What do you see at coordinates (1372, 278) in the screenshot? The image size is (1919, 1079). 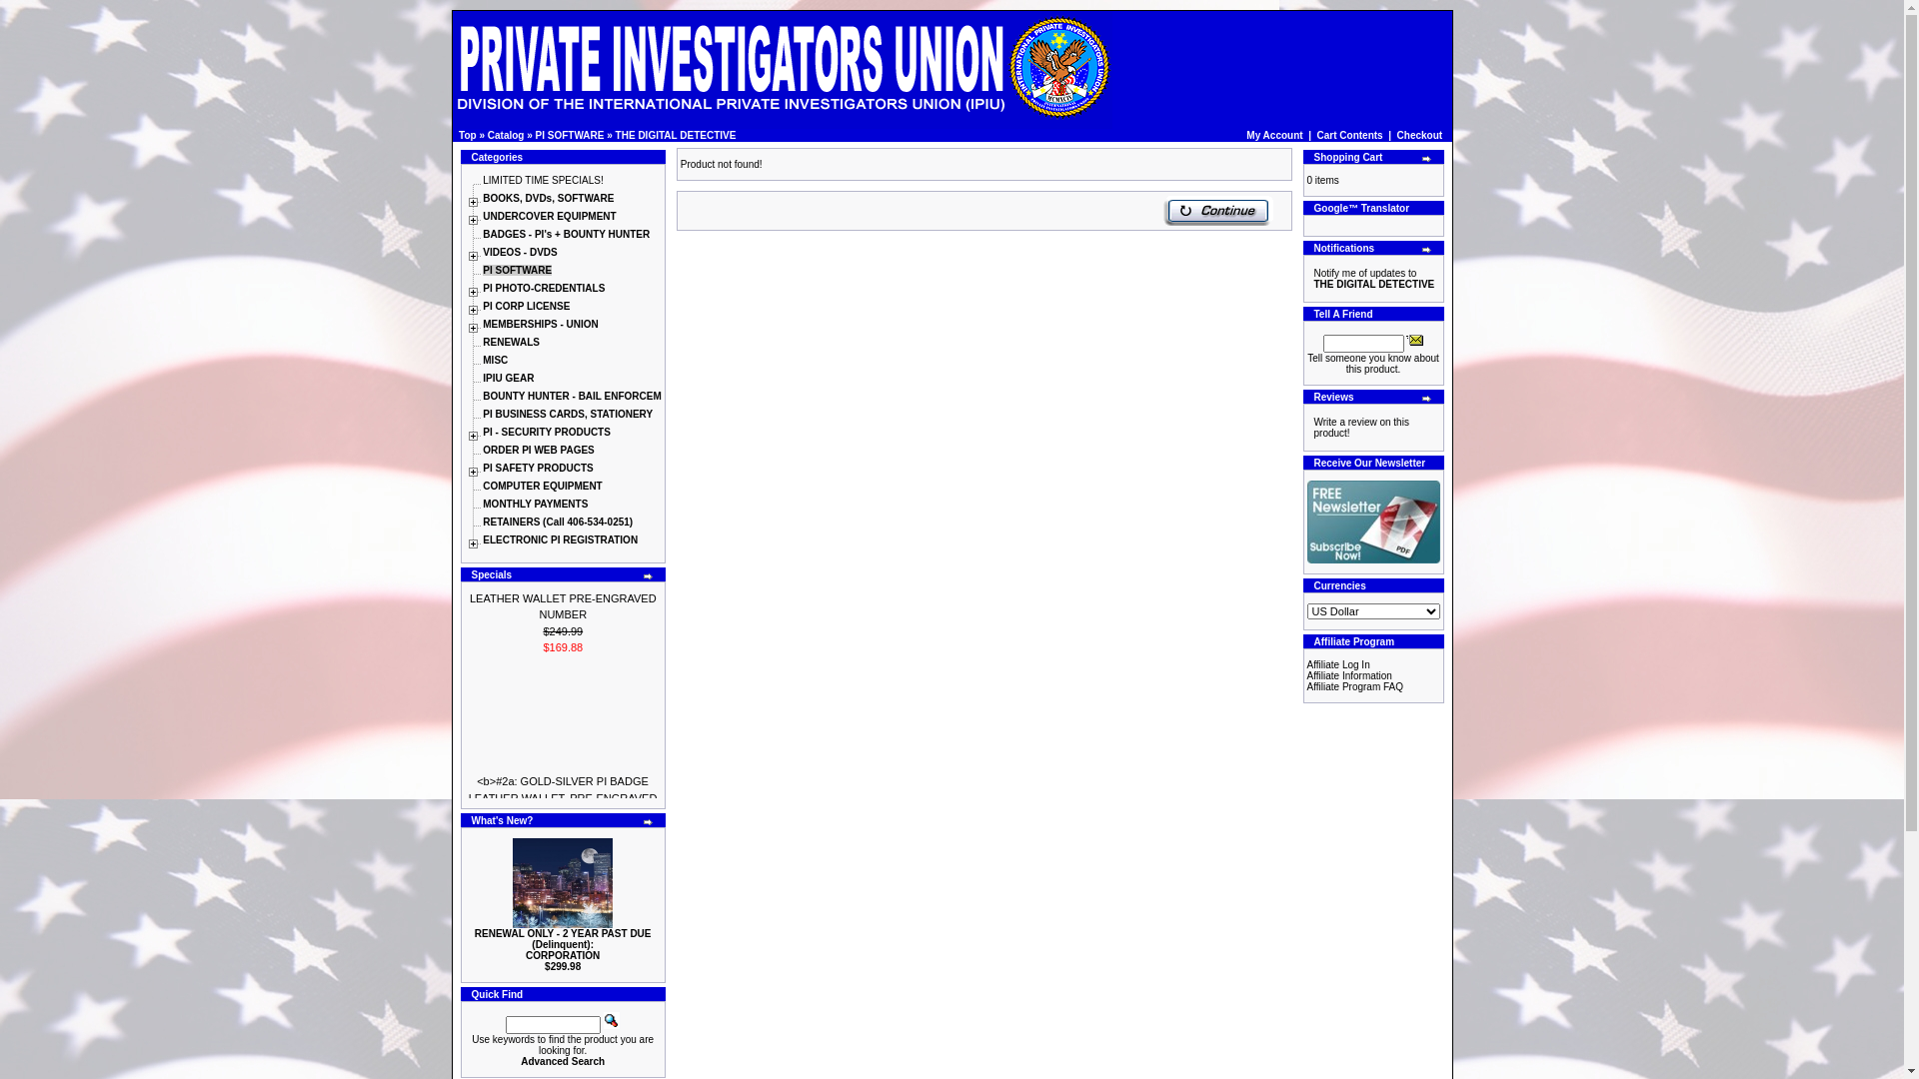 I see `'Notify me of updates to THE DIGITAL DETECTIVE'` at bounding box center [1372, 278].